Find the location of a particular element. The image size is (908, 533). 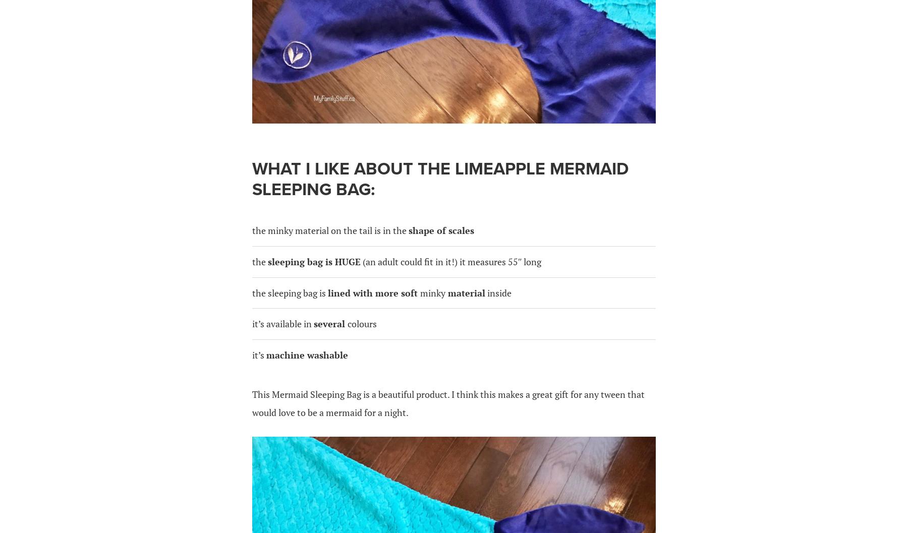

'machine washable' is located at coordinates (265, 354).